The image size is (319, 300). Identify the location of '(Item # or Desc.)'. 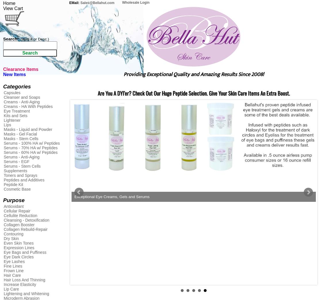
(34, 39).